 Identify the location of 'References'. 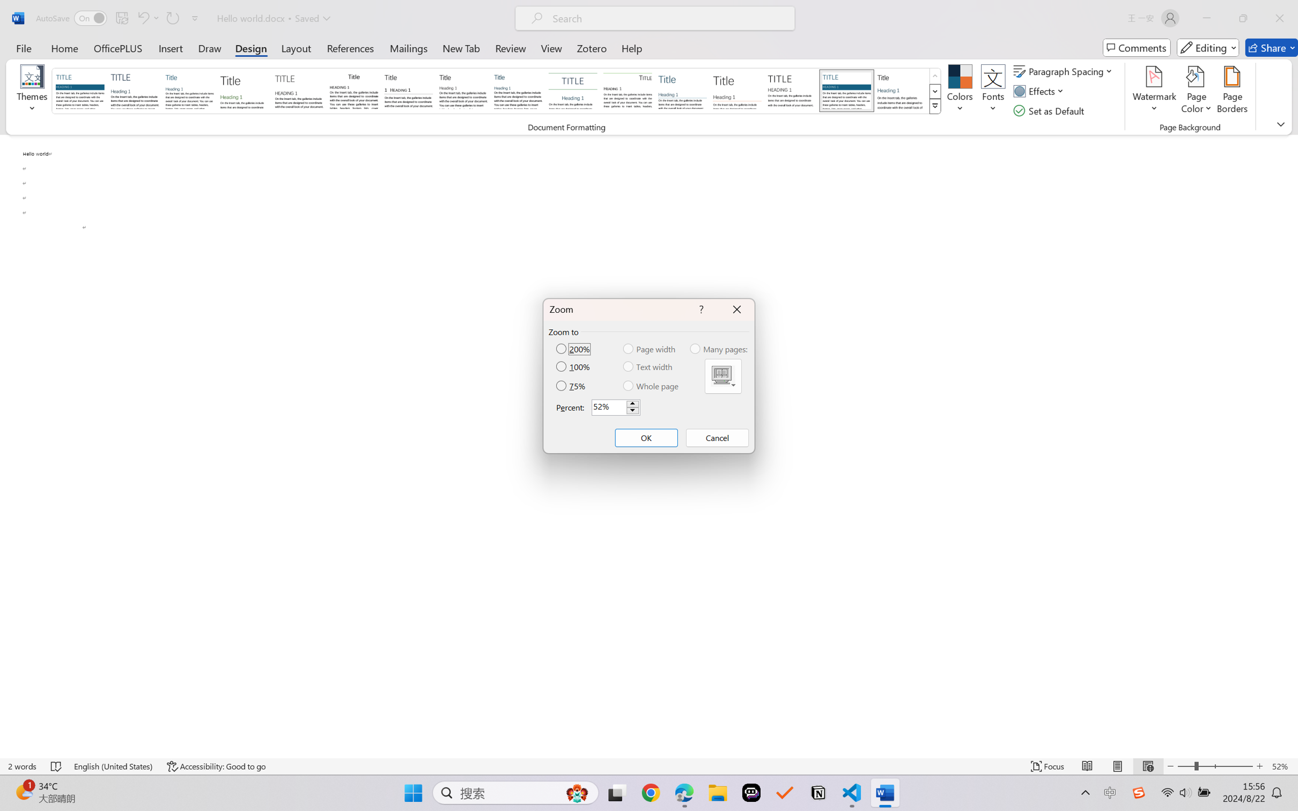
(350, 47).